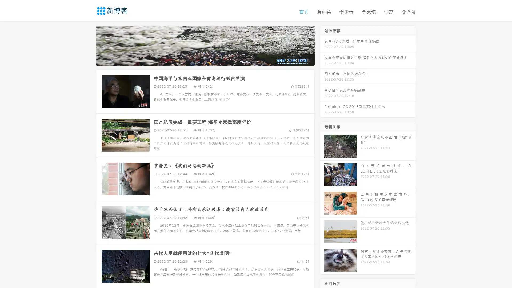 Image resolution: width=512 pixels, height=288 pixels. I want to click on Go to slide 1, so click(199, 60).